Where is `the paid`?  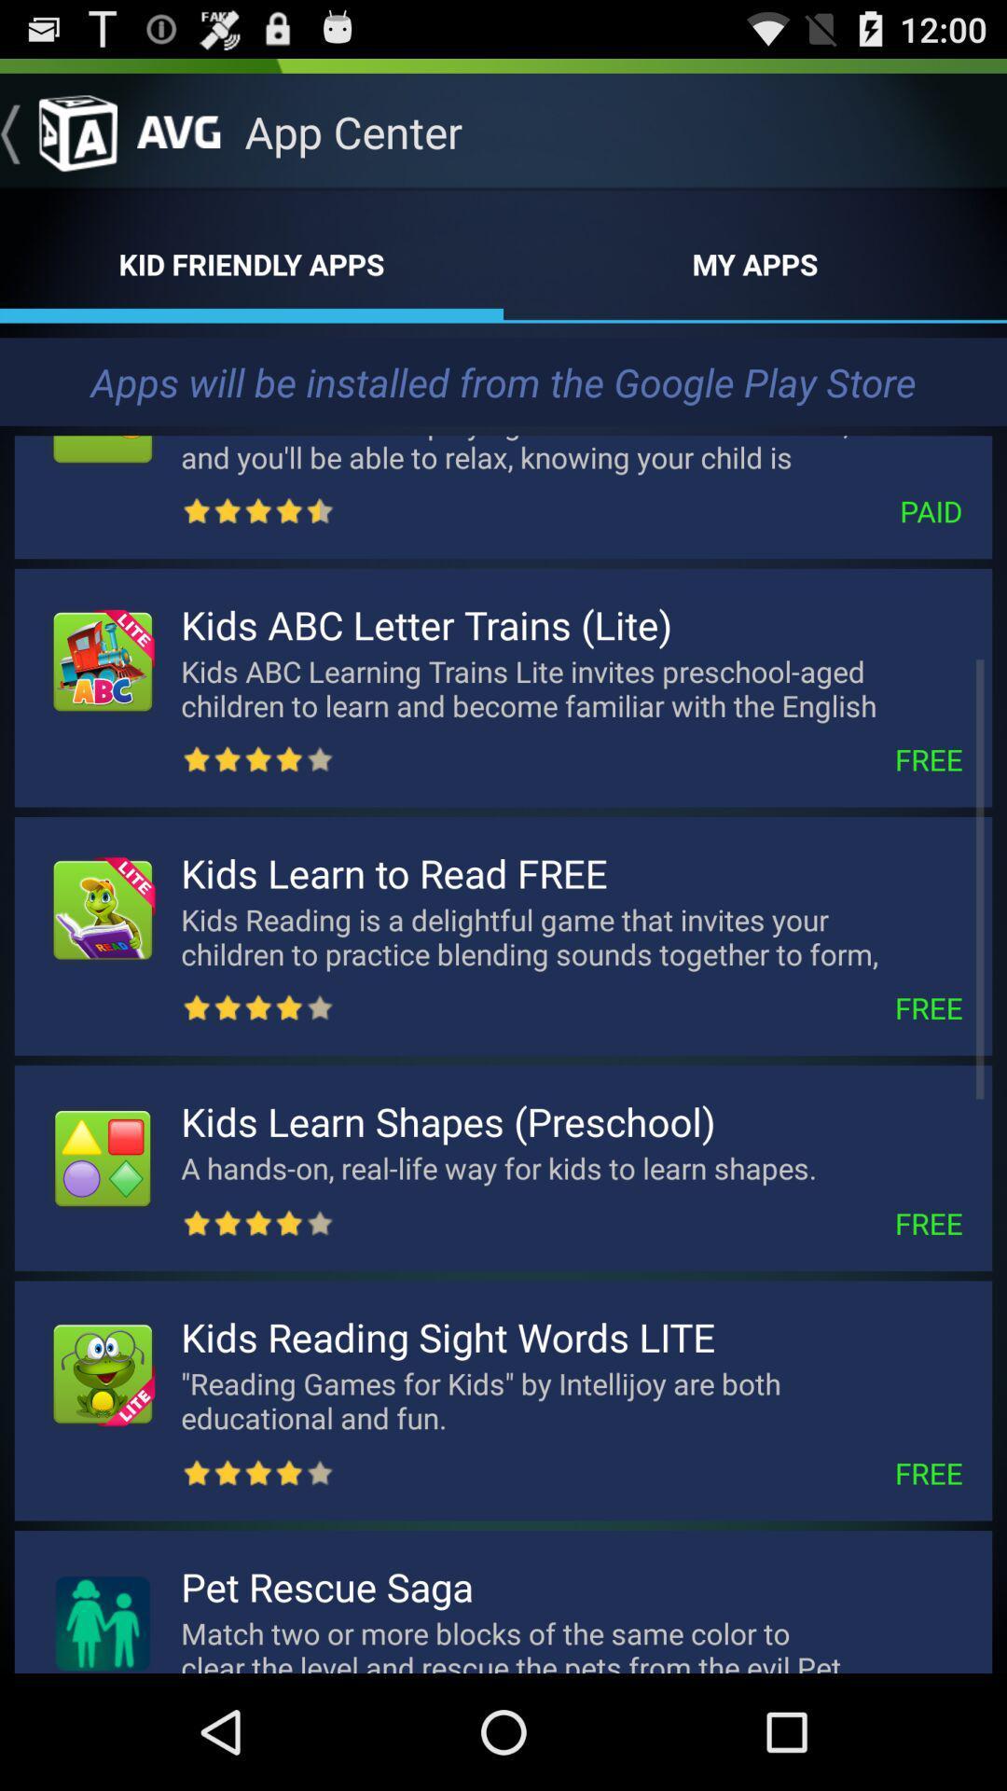 the paid is located at coordinates (647, 511).